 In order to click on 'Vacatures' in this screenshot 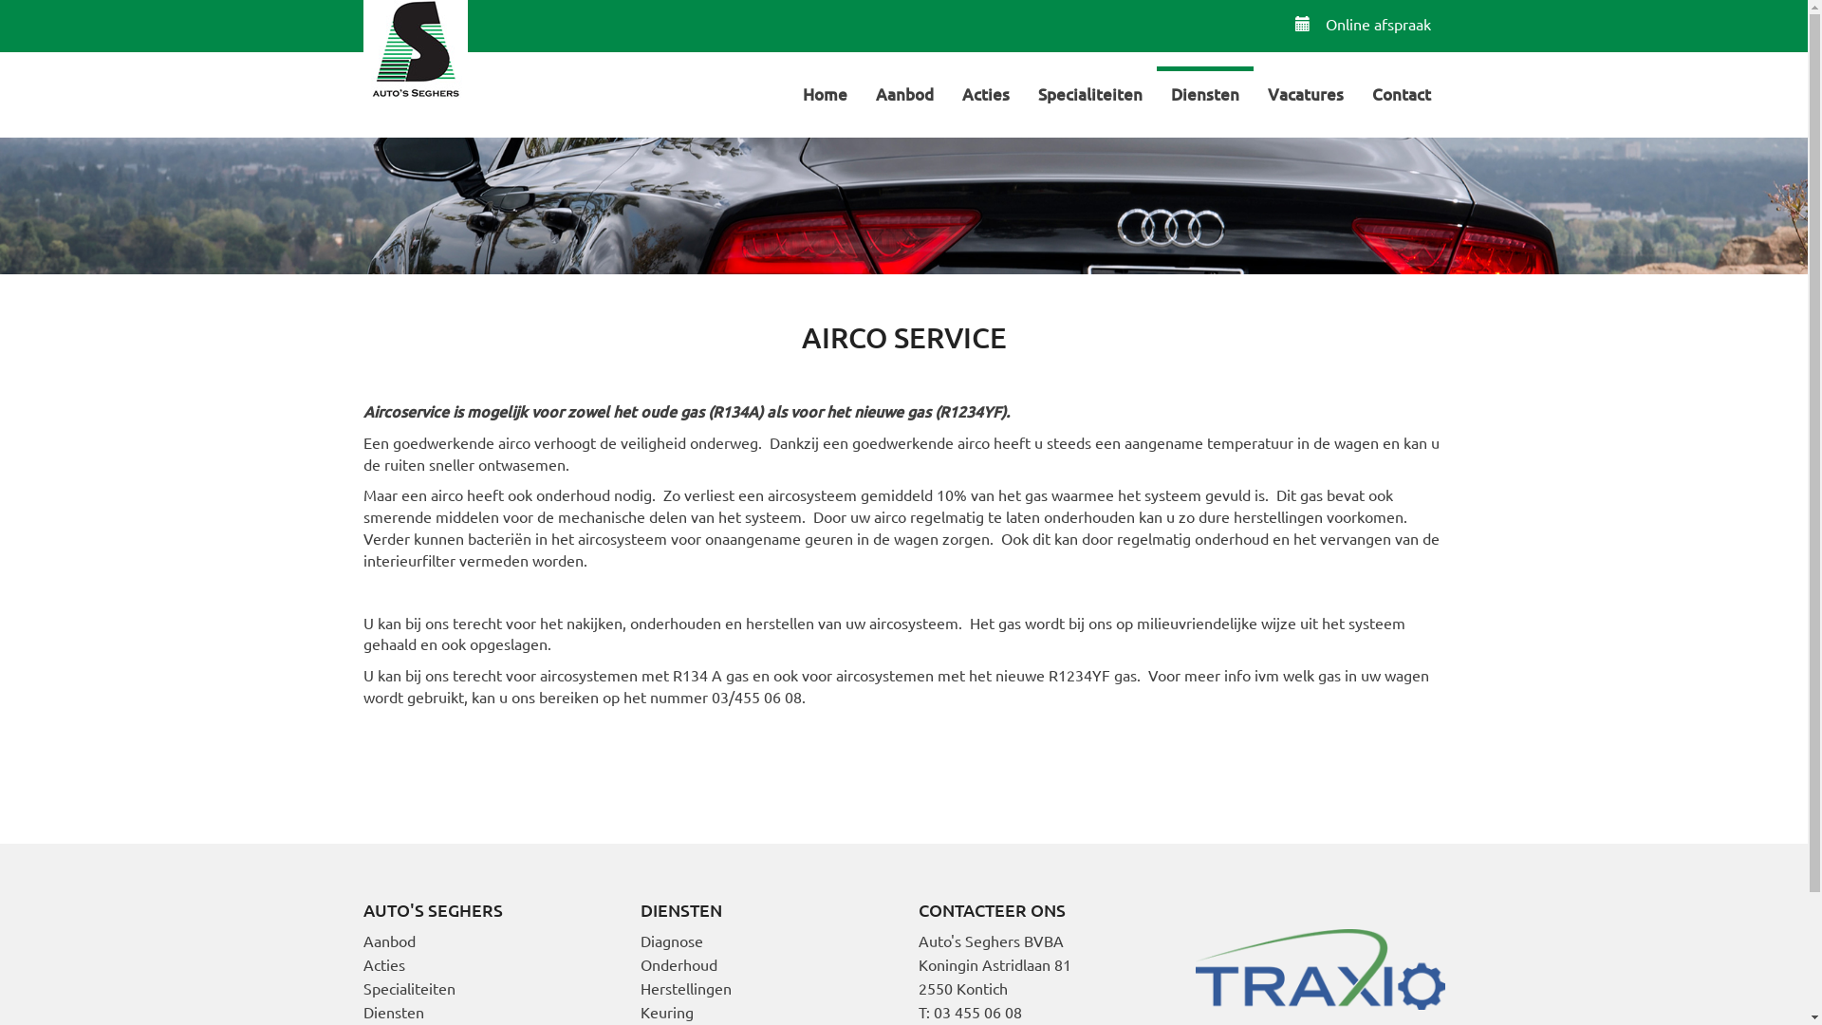, I will do `click(1303, 92)`.